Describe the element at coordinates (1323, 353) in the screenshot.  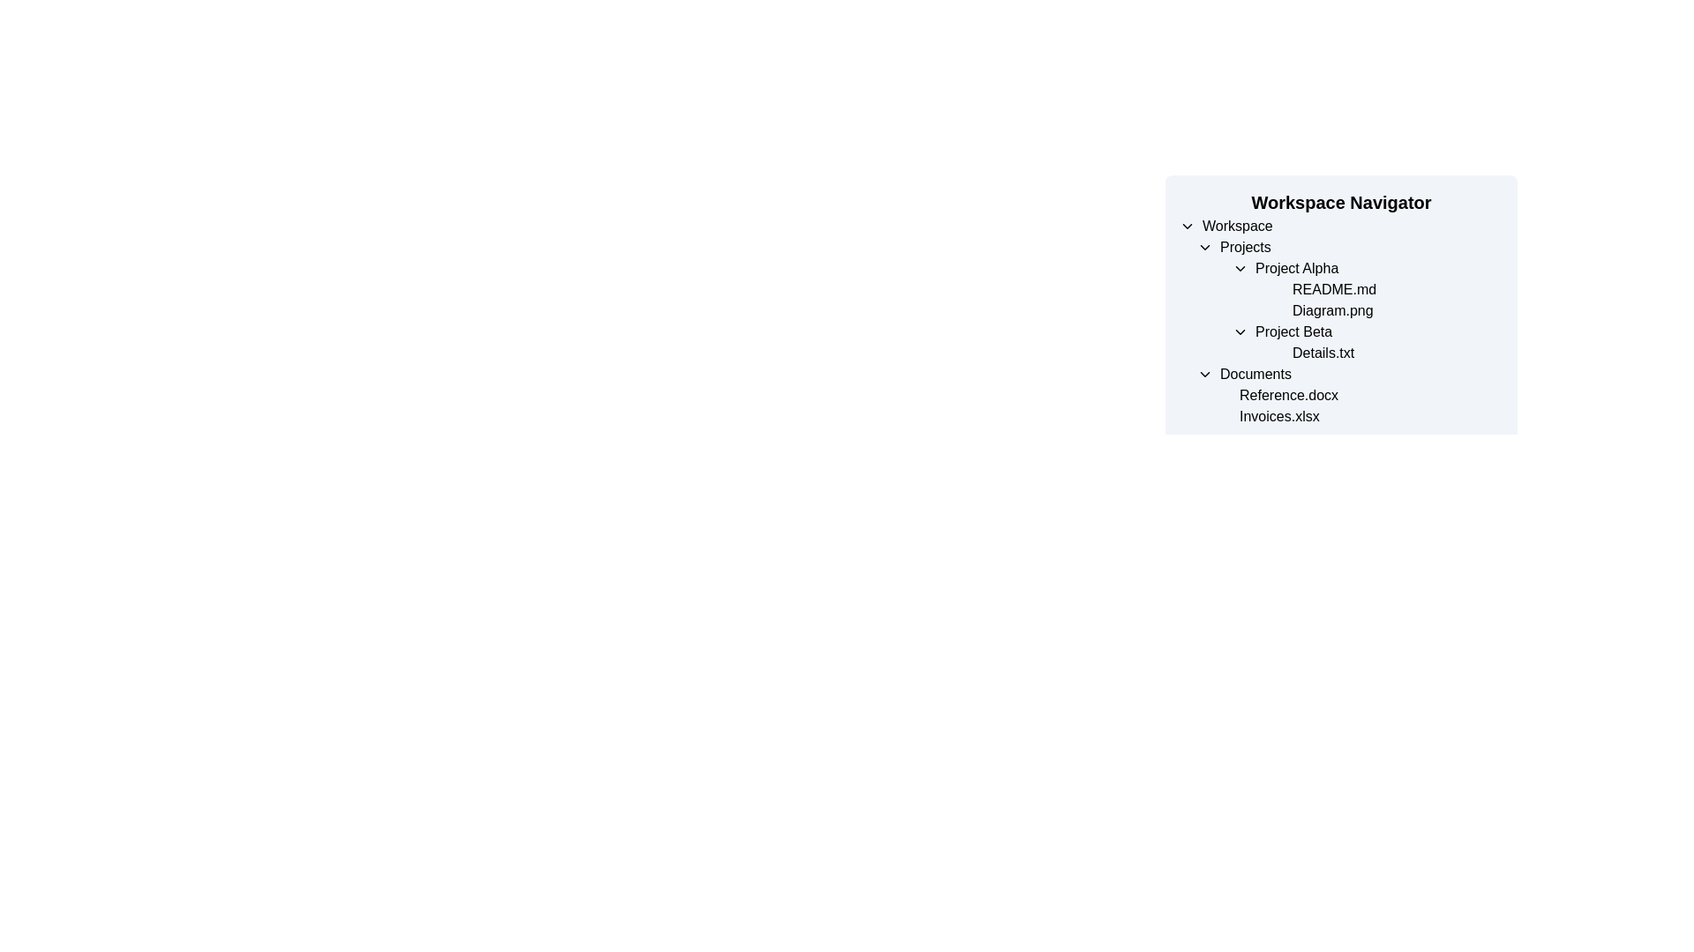
I see `the text label displaying the file name 'Details.txt' located within the 'Project Beta' folder in the Workspace Navigator` at that location.